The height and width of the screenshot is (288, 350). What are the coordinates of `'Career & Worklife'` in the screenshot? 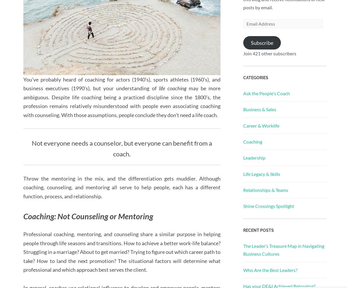 It's located at (261, 125).